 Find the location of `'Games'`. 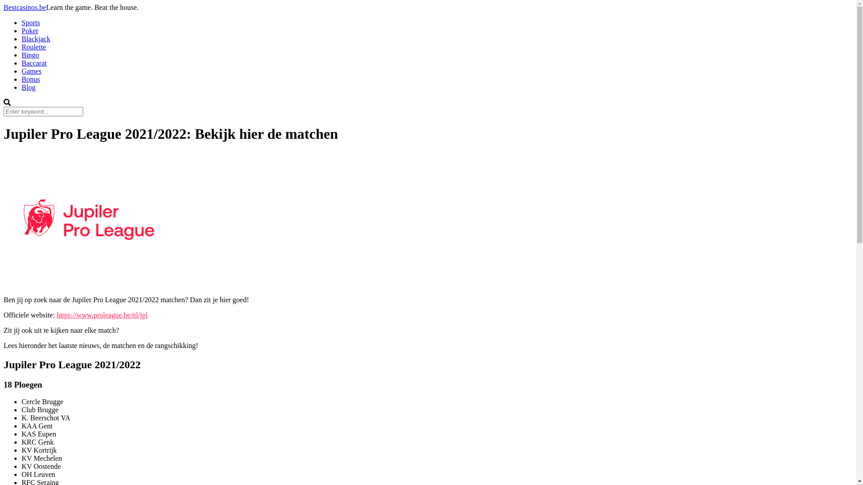

'Games' is located at coordinates (31, 71).